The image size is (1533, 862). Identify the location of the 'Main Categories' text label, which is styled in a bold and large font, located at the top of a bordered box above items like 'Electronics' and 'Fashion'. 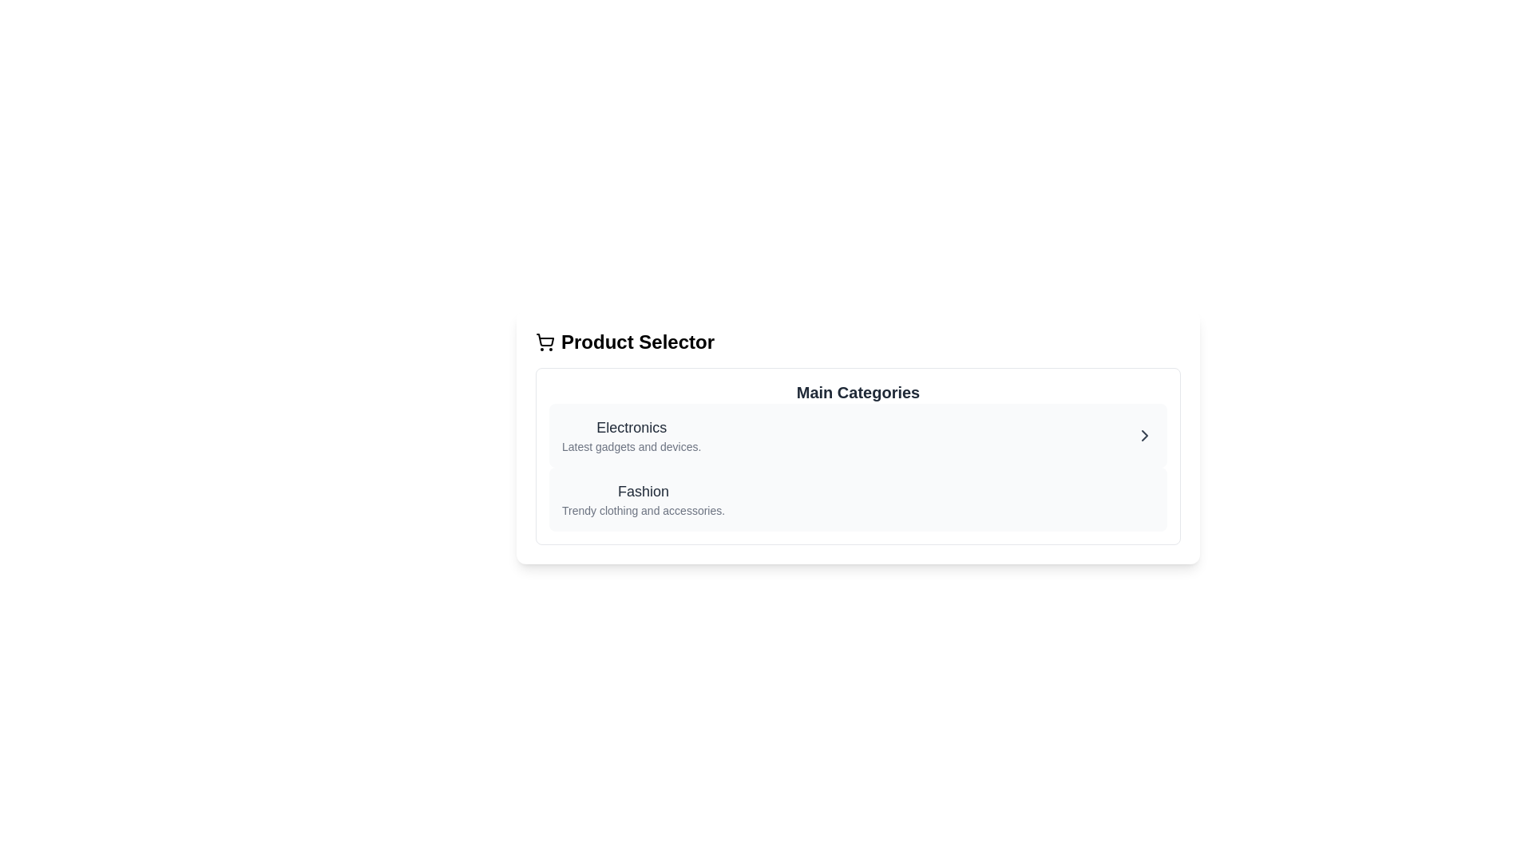
(858, 393).